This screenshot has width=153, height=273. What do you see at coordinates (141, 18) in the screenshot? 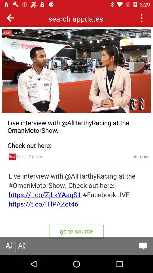
I see `the more icon` at bounding box center [141, 18].